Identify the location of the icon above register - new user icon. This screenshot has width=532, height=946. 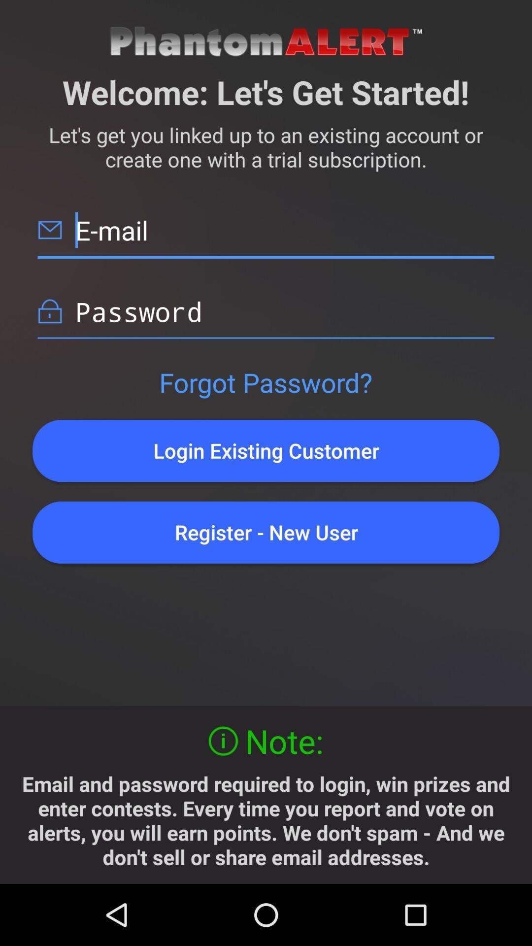
(266, 450).